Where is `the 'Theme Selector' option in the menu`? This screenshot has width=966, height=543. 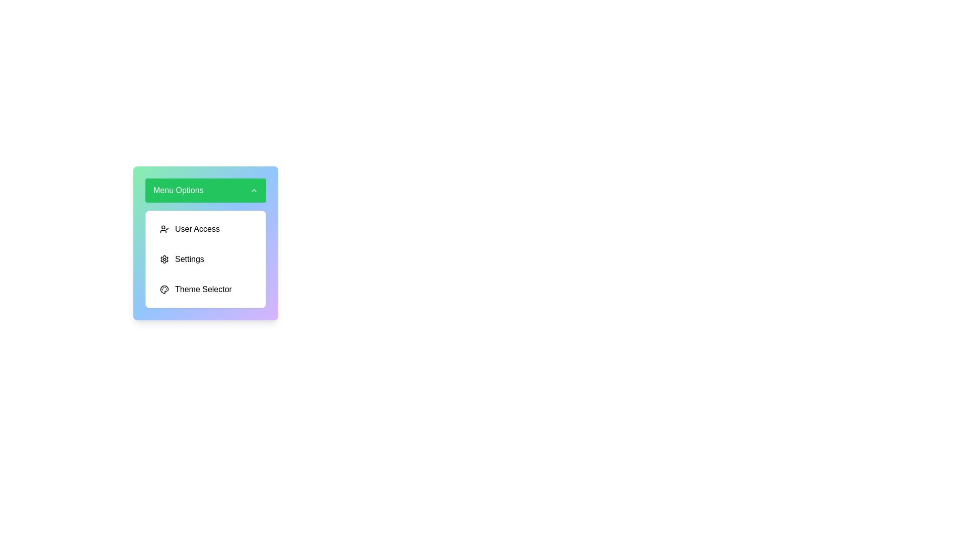 the 'Theme Selector' option in the menu is located at coordinates (205, 289).